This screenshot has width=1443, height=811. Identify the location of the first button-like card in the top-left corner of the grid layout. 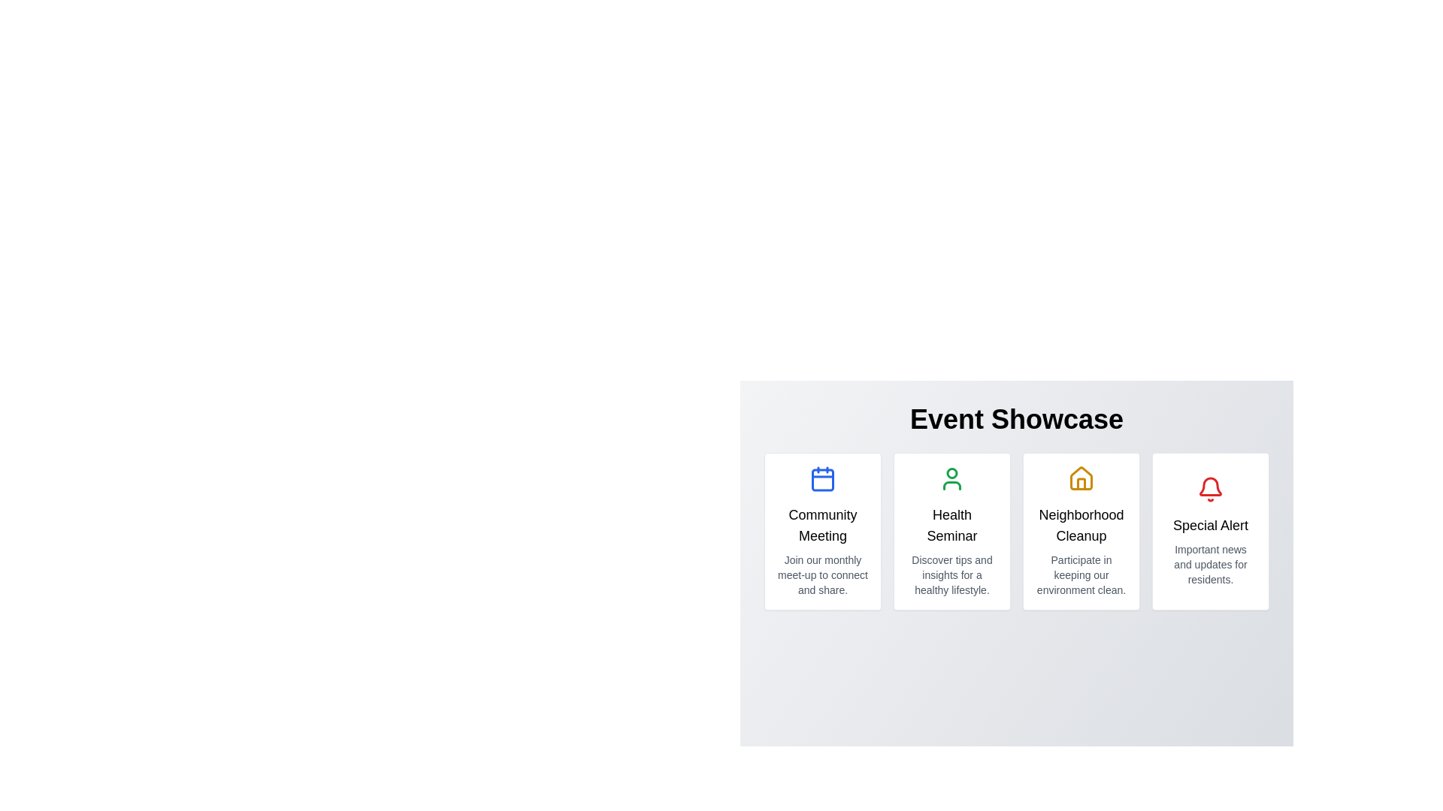
(821, 531).